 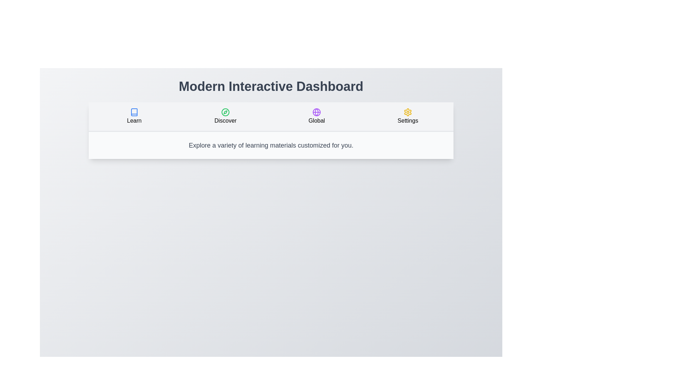 What do you see at coordinates (225, 112) in the screenshot?
I see `the SVG Circle Element representing the 'Discover' option in the navigation menu, which is the second item in a row of four items` at bounding box center [225, 112].